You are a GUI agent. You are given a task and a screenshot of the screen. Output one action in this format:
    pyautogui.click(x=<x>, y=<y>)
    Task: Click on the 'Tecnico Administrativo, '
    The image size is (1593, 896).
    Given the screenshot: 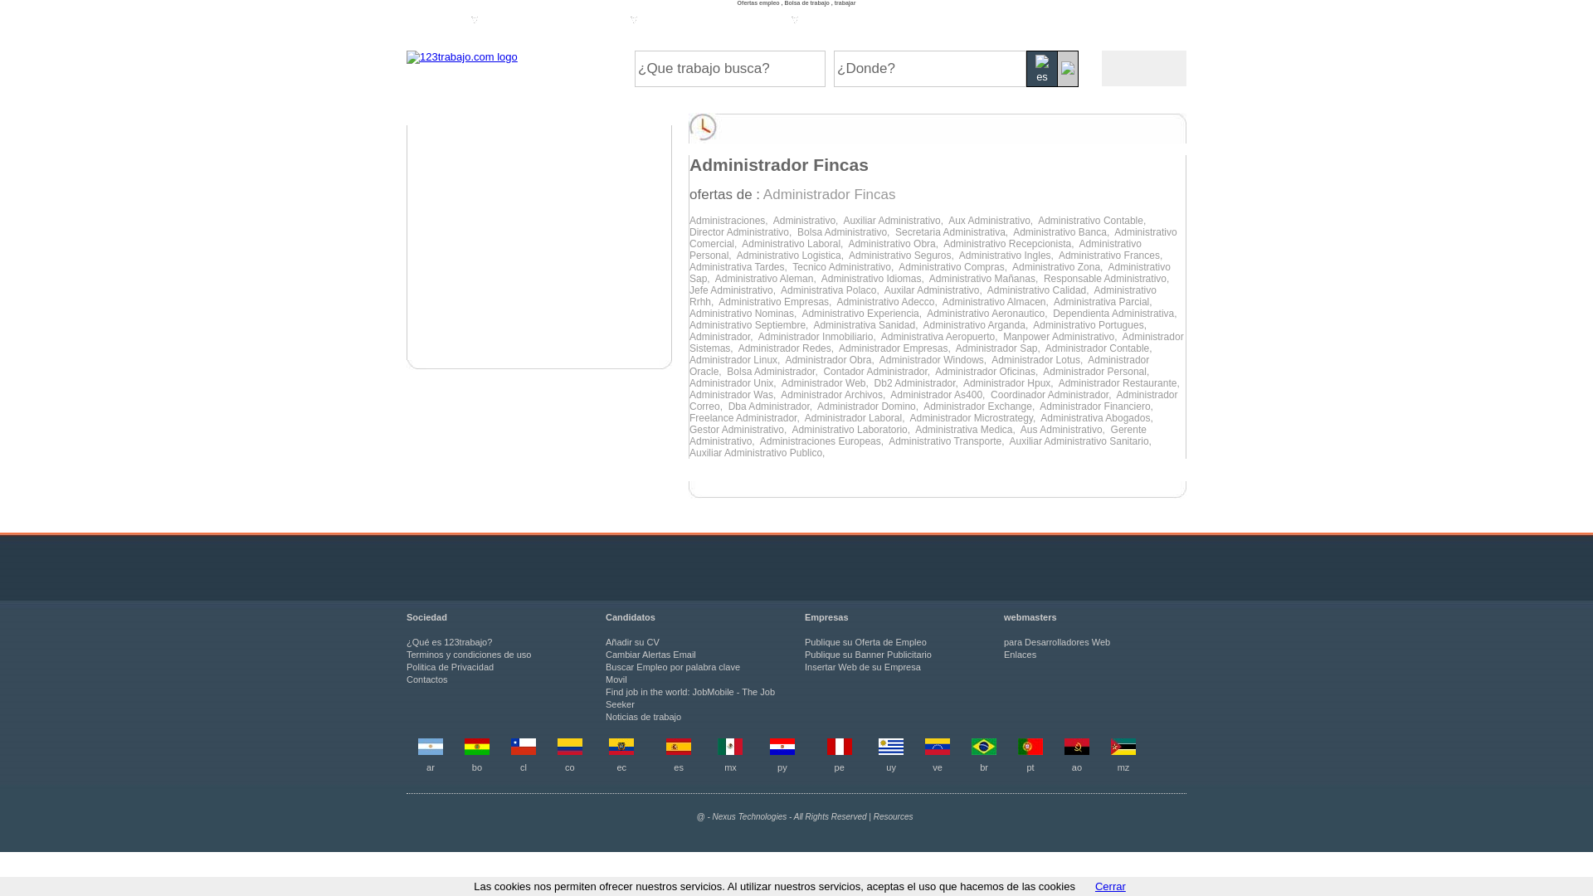 What is the action you would take?
    pyautogui.click(x=792, y=265)
    